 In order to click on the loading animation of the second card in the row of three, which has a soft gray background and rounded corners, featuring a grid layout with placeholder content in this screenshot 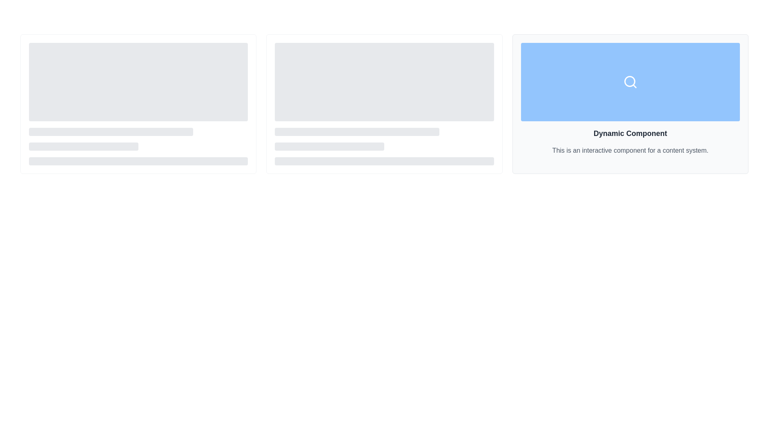, I will do `click(384, 103)`.